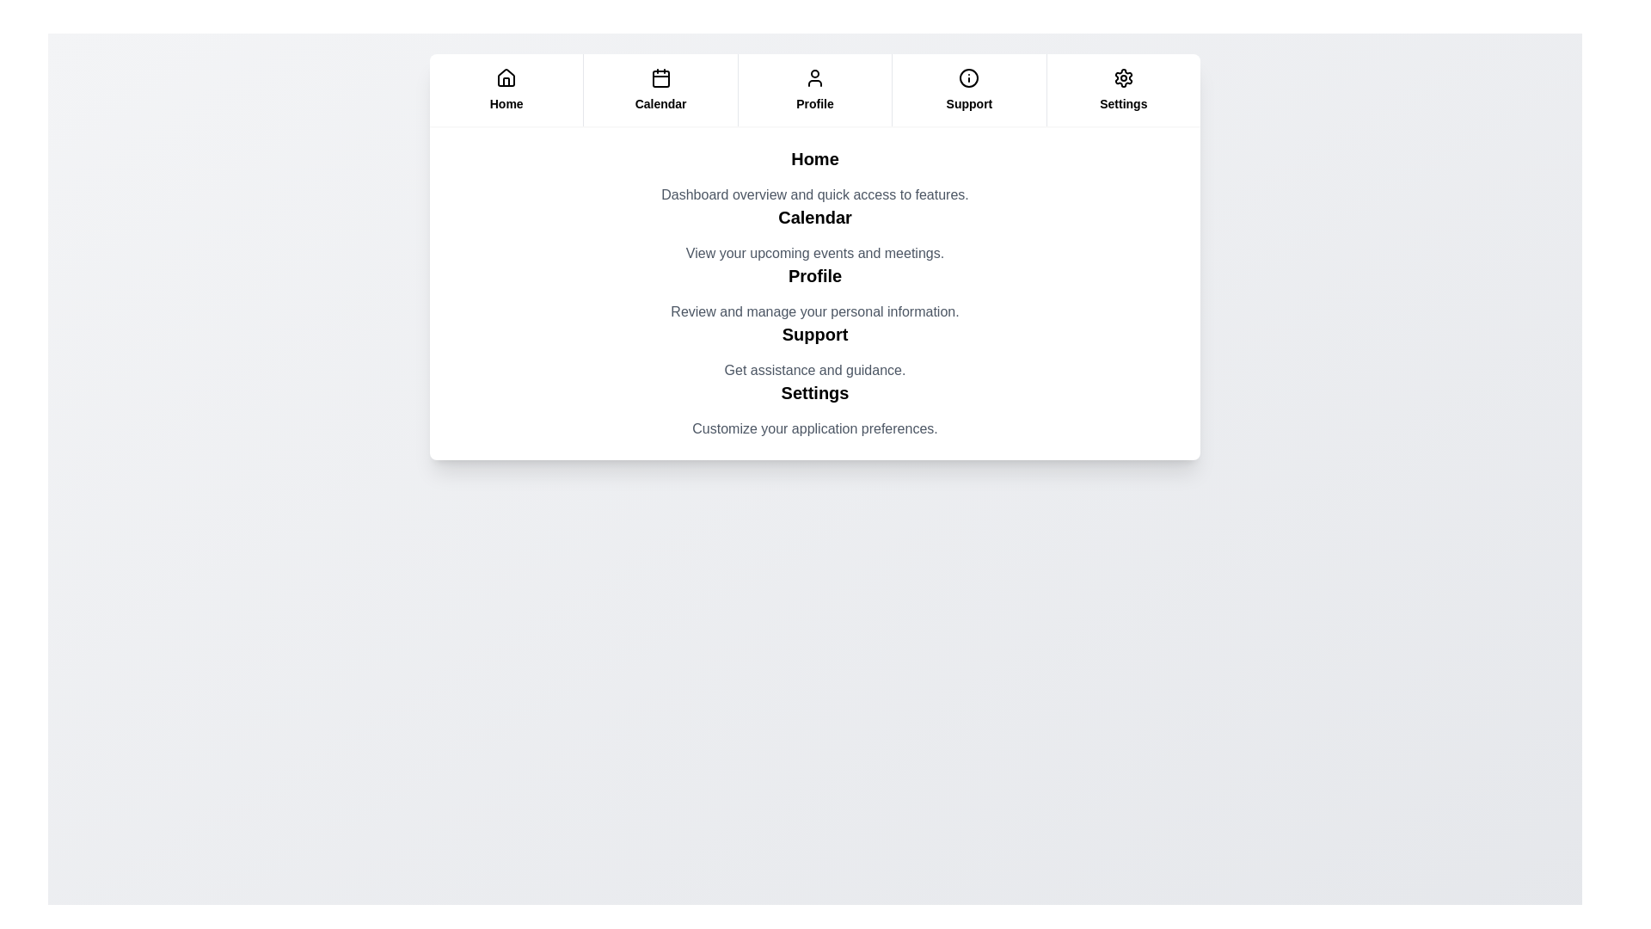 This screenshot has height=929, width=1651. What do you see at coordinates (814, 410) in the screenshot?
I see `the 'Settings' text block element to focus on it, which contains the title 'Settings' and the description 'Customize your application preferences.' It is the fifth section in the vertical list` at bounding box center [814, 410].